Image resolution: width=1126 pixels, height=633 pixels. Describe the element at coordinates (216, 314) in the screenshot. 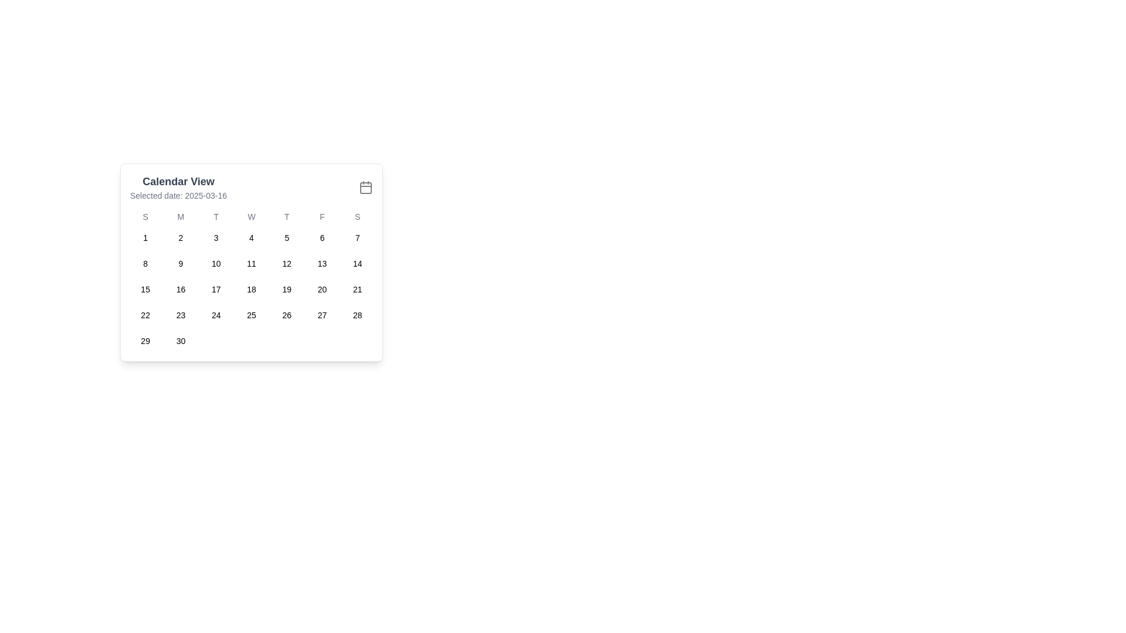

I see `the clickable calendar day box displaying the number '24'` at that location.